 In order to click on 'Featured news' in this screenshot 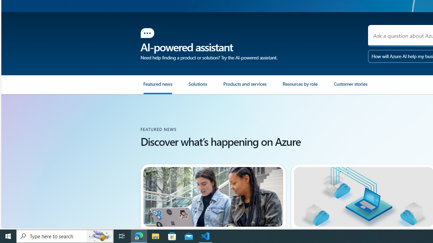, I will do `click(165, 87)`.